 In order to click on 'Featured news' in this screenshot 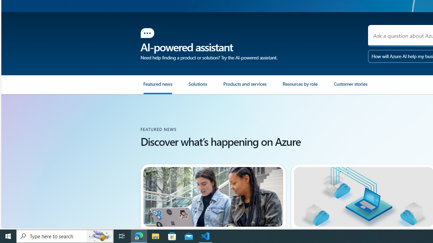, I will do `click(165, 87)`.